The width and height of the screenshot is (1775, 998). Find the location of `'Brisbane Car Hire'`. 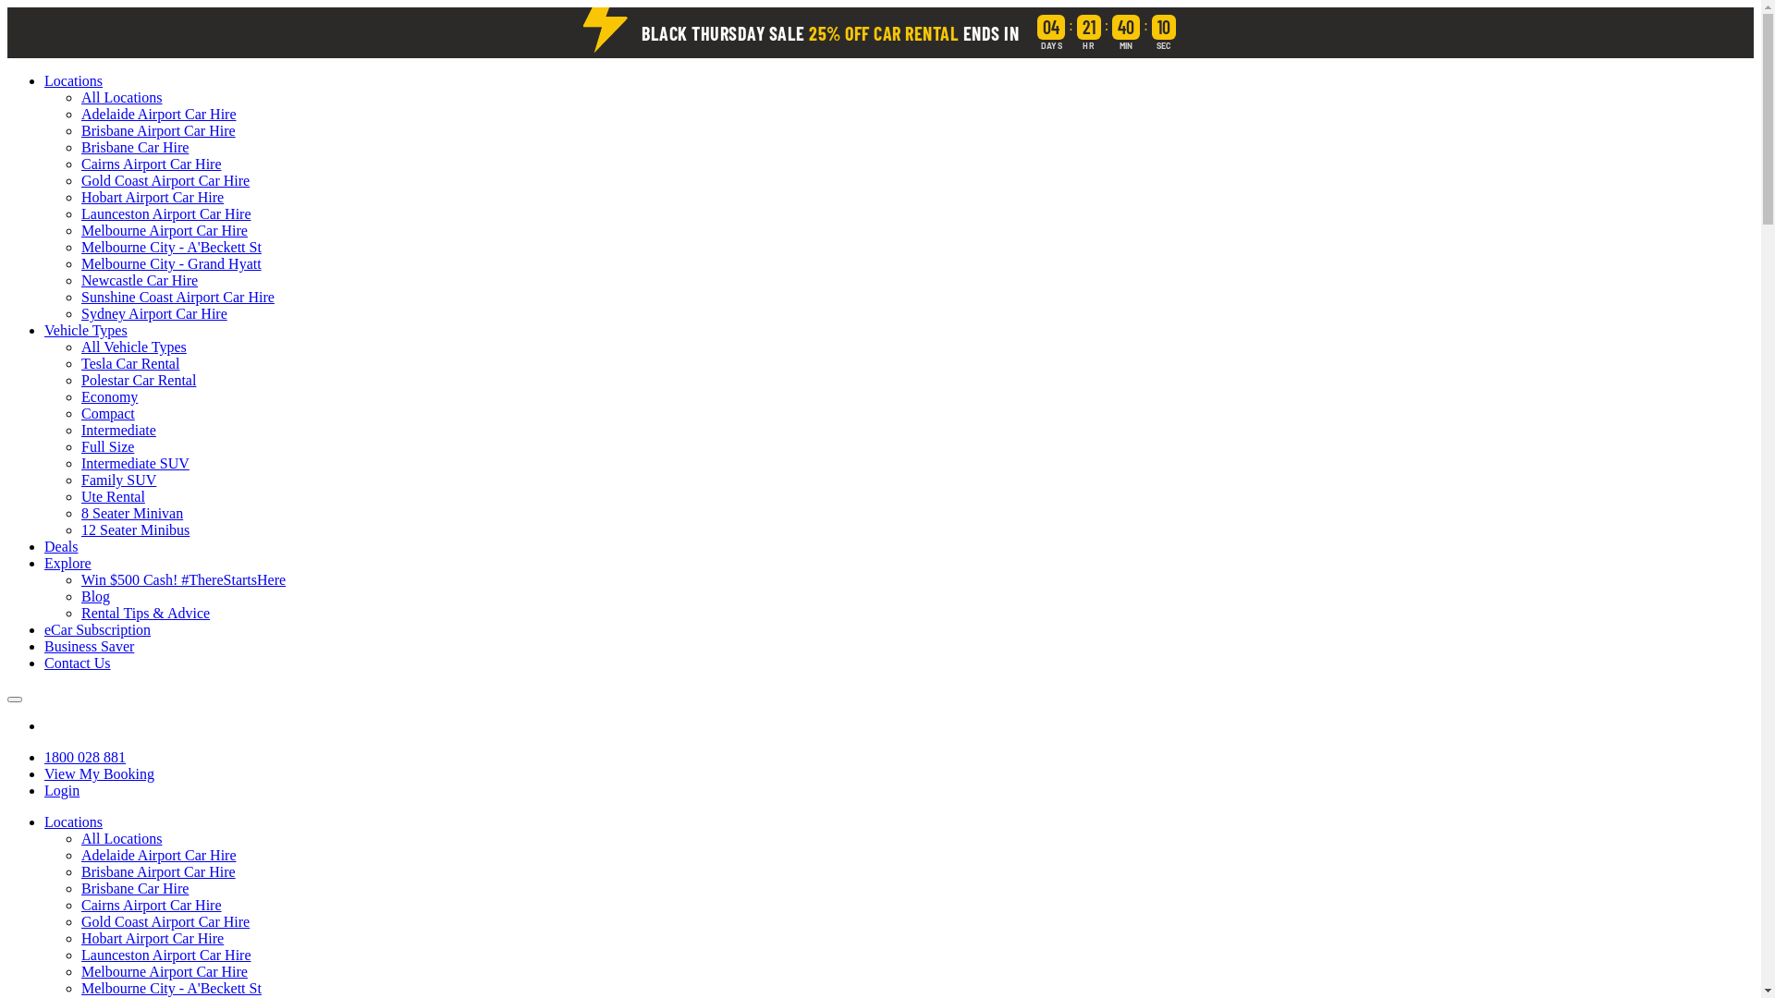

'Brisbane Car Hire' is located at coordinates (133, 146).